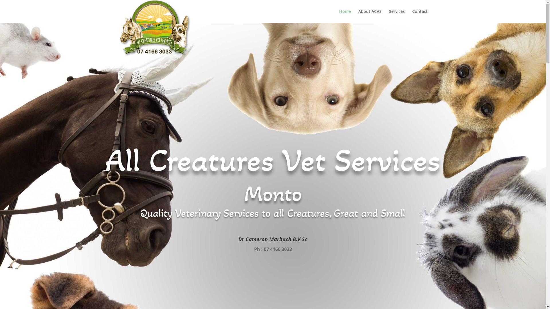 This screenshot has height=309, width=550. Describe the element at coordinates (357, 16) in the screenshot. I see `'About ACVS'` at that location.